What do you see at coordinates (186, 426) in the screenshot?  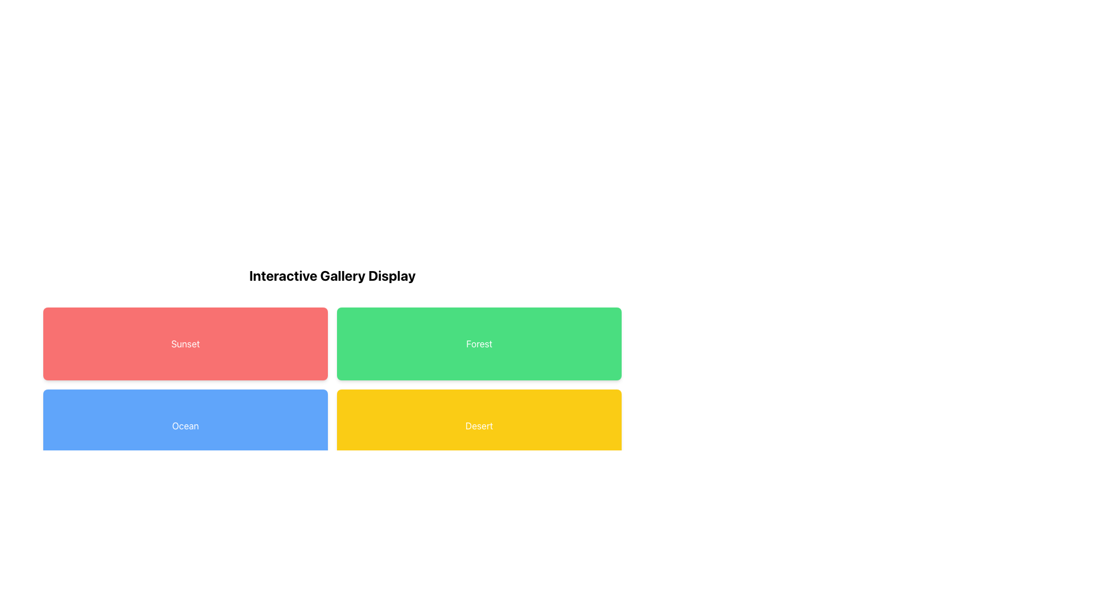 I see `the 'Ocean' card, which is a rectangular card with a blue background and white text, located in the second row and first column of the grid layout` at bounding box center [186, 426].